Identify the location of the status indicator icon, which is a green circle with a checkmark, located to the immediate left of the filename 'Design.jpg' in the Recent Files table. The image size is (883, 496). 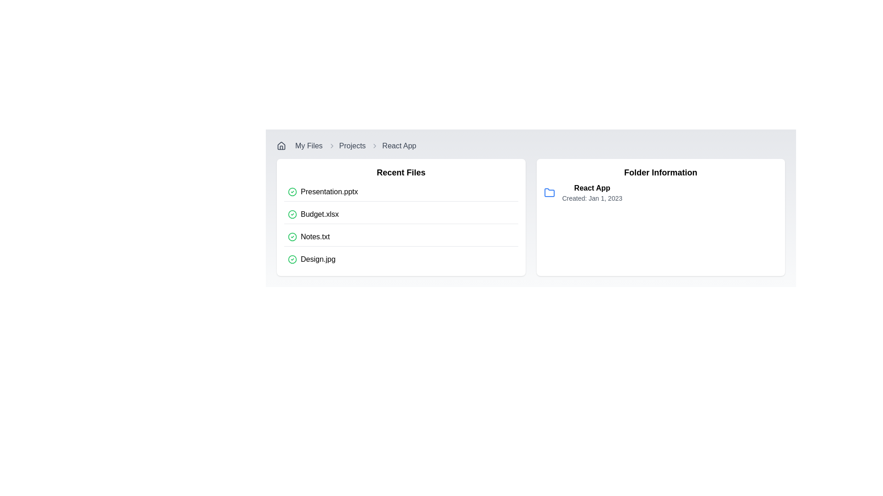
(292, 259).